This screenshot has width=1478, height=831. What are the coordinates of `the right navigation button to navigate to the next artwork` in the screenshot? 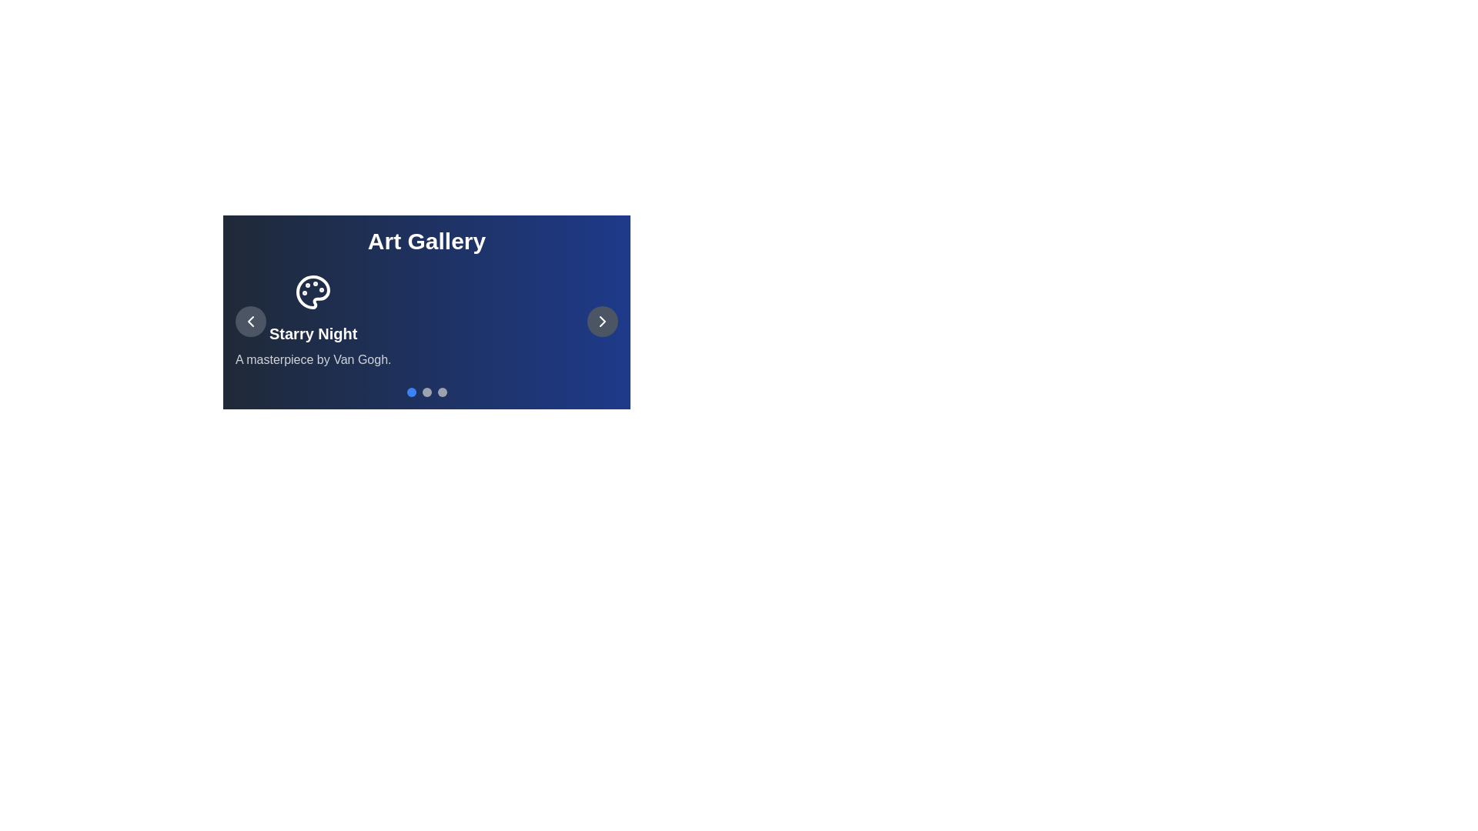 It's located at (601, 320).